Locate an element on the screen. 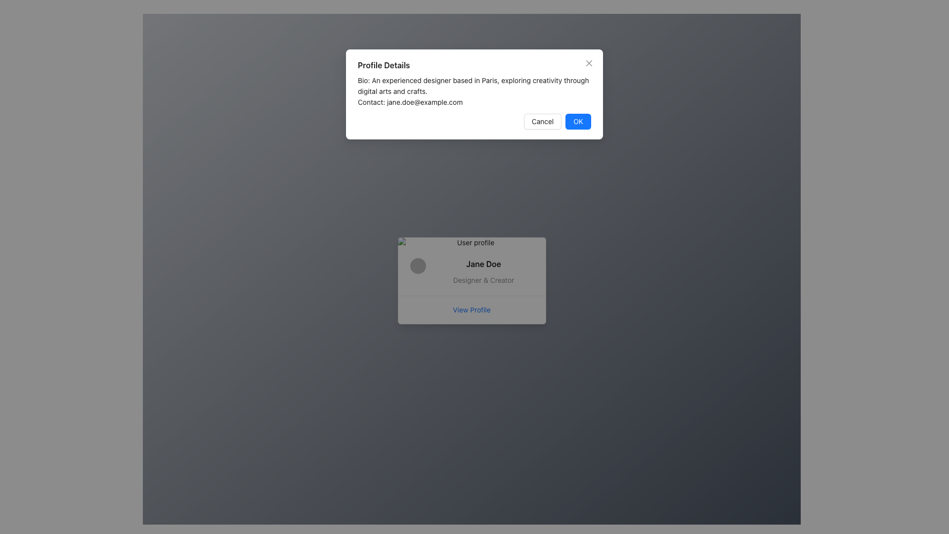  the circular avatar placeholder representing the user profile picture within the 'User profile' card is located at coordinates (418, 266).